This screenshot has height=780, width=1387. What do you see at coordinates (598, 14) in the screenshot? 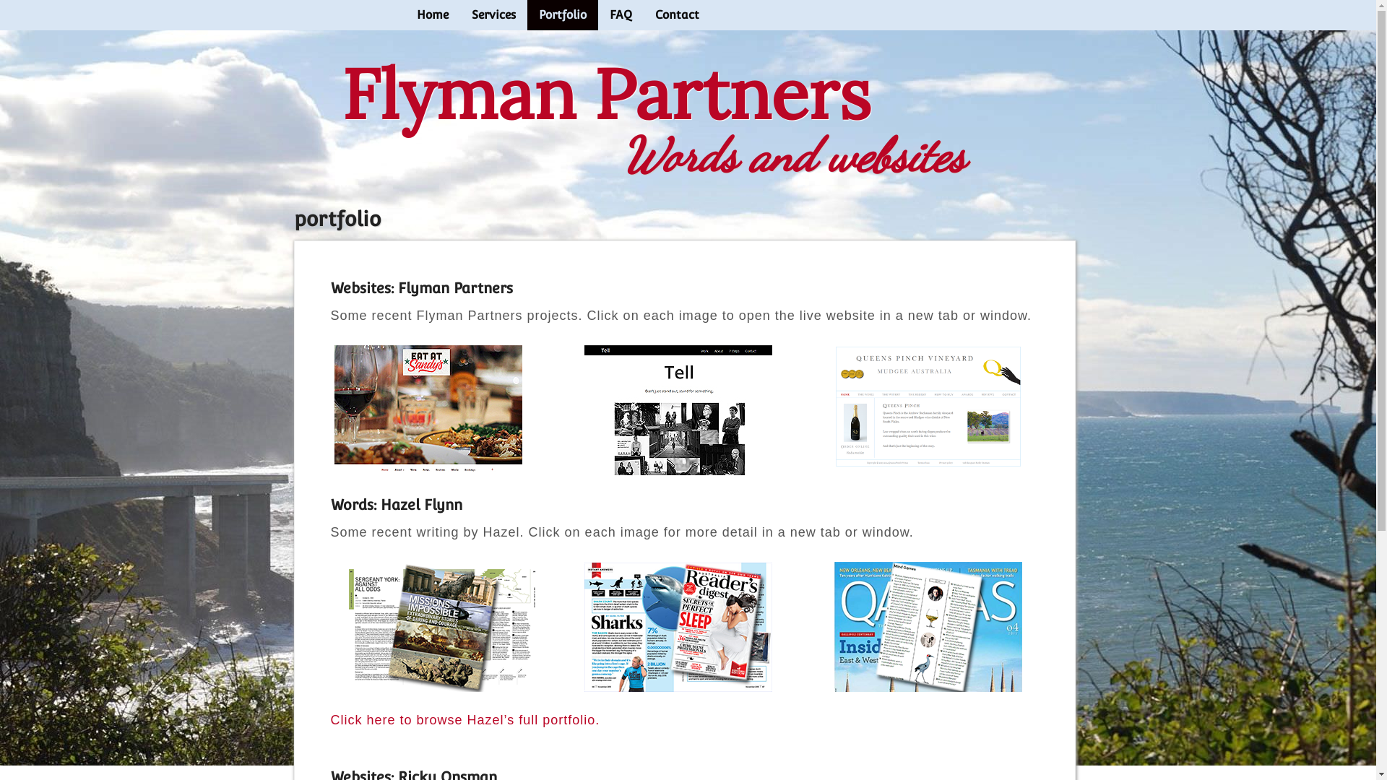
I see `'FAQ'` at bounding box center [598, 14].